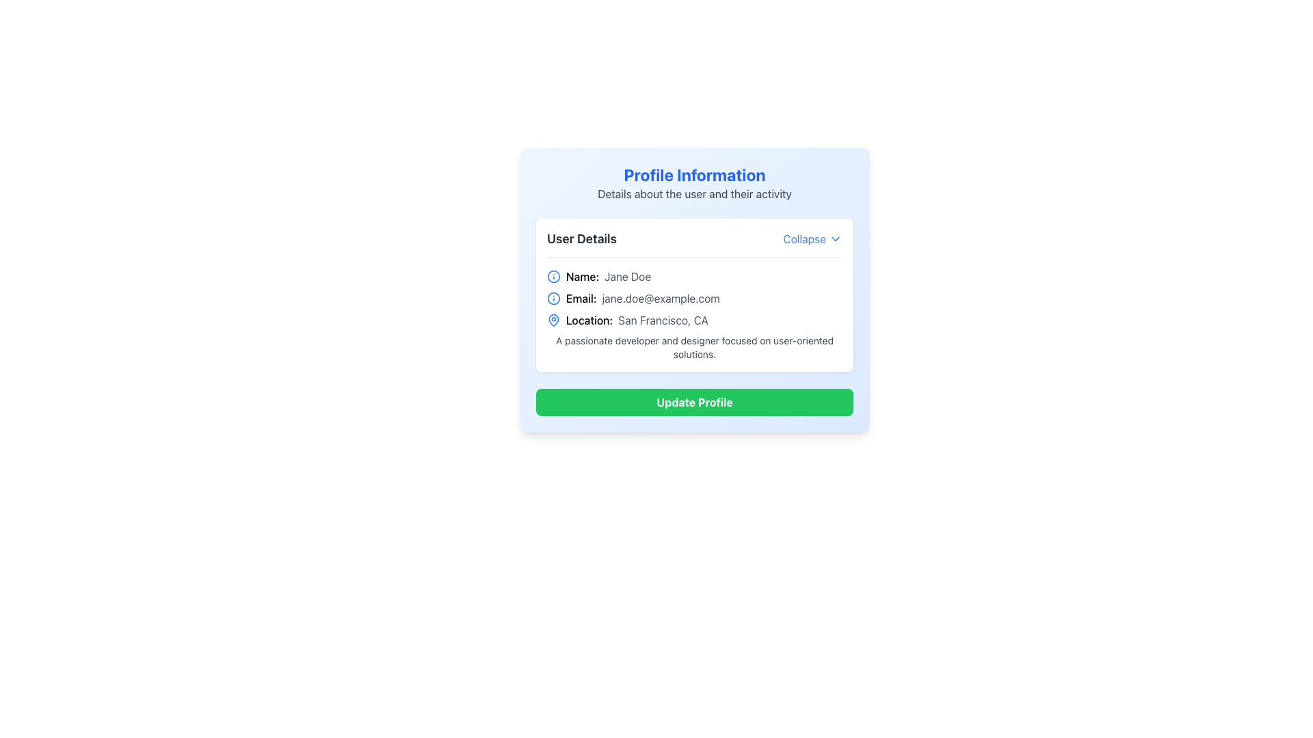 The image size is (1313, 738). Describe the element at coordinates (661, 297) in the screenshot. I see `on the static text field displaying the email address 'jane.doe@example.com', which is located next` at that location.